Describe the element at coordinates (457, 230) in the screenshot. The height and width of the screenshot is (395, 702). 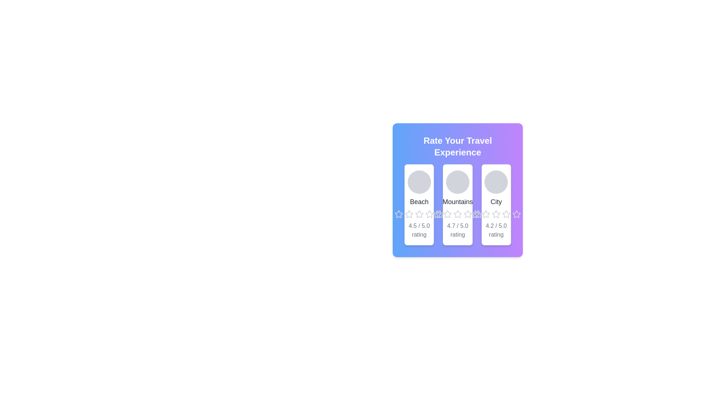
I see `the text label displaying the average rating for the 'Mountains' category, located beneath the title and star icons in the second card of three` at that location.